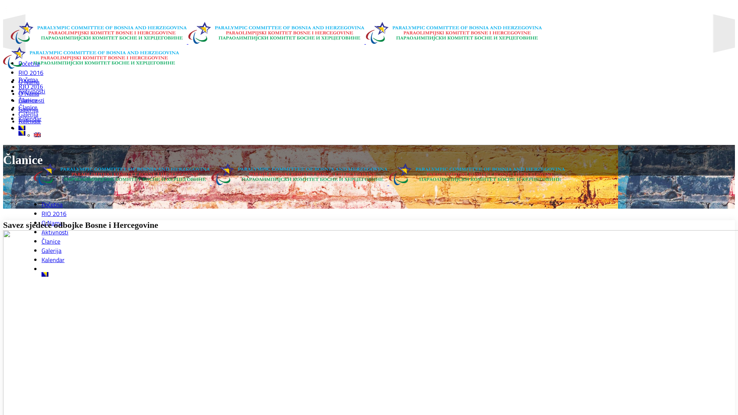 This screenshot has width=738, height=415. Describe the element at coordinates (22, 133) in the screenshot. I see `'Bosnian'` at that location.